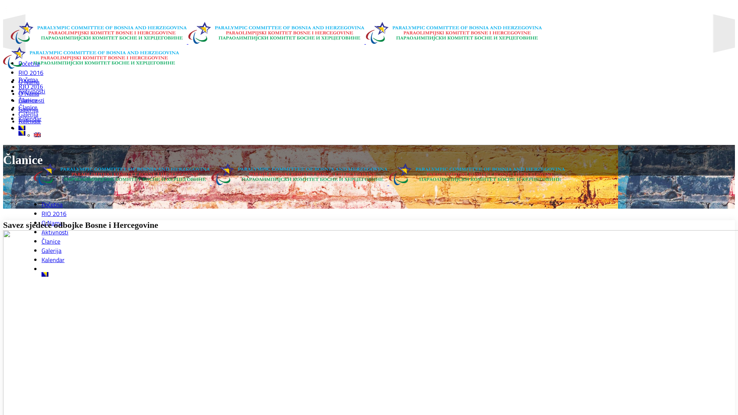 This screenshot has width=738, height=415. Describe the element at coordinates (22, 133) in the screenshot. I see `'Bosnian'` at that location.